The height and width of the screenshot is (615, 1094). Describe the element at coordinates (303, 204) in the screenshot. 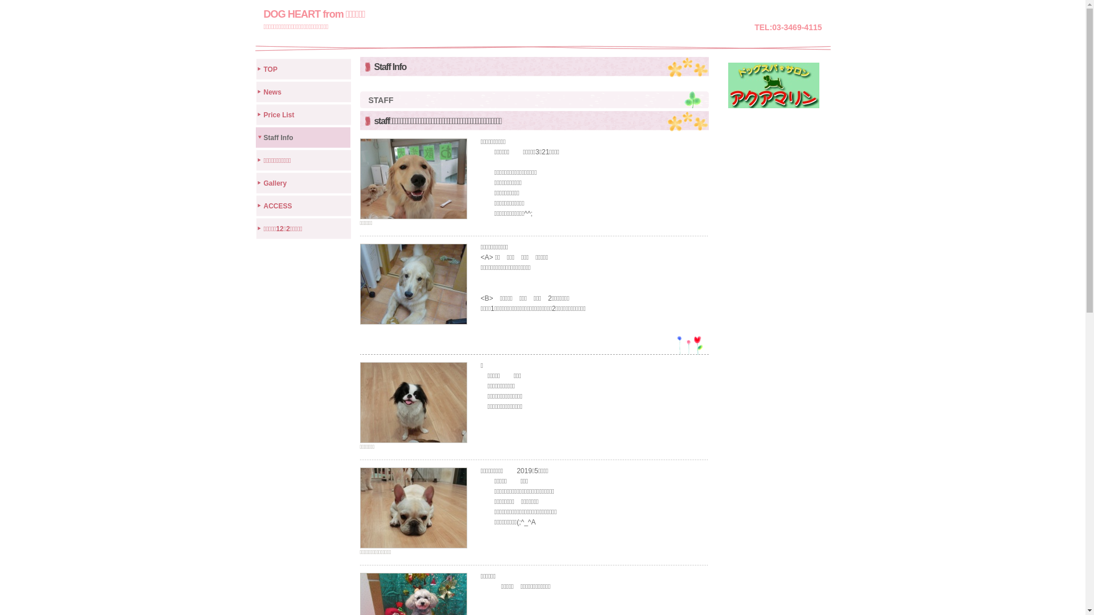

I see `'ACCESS'` at that location.